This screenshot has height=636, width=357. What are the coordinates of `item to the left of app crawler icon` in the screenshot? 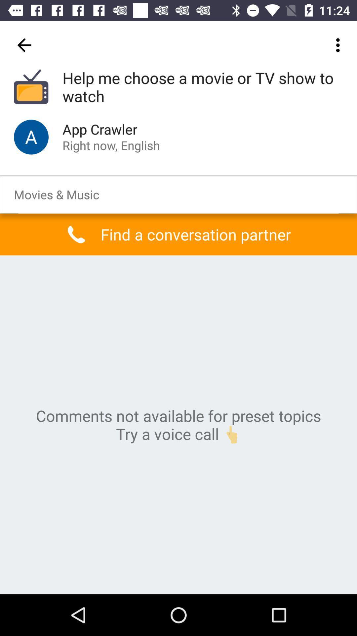 It's located at (31, 136).